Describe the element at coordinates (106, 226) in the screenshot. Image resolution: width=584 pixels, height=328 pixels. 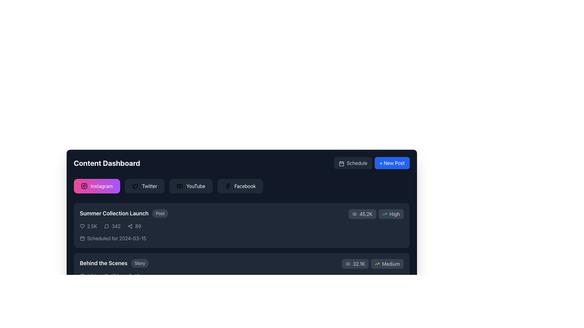
I see `the speech bubble or chat icon representing the interaction count of 'Summer Collection Launch'` at that location.